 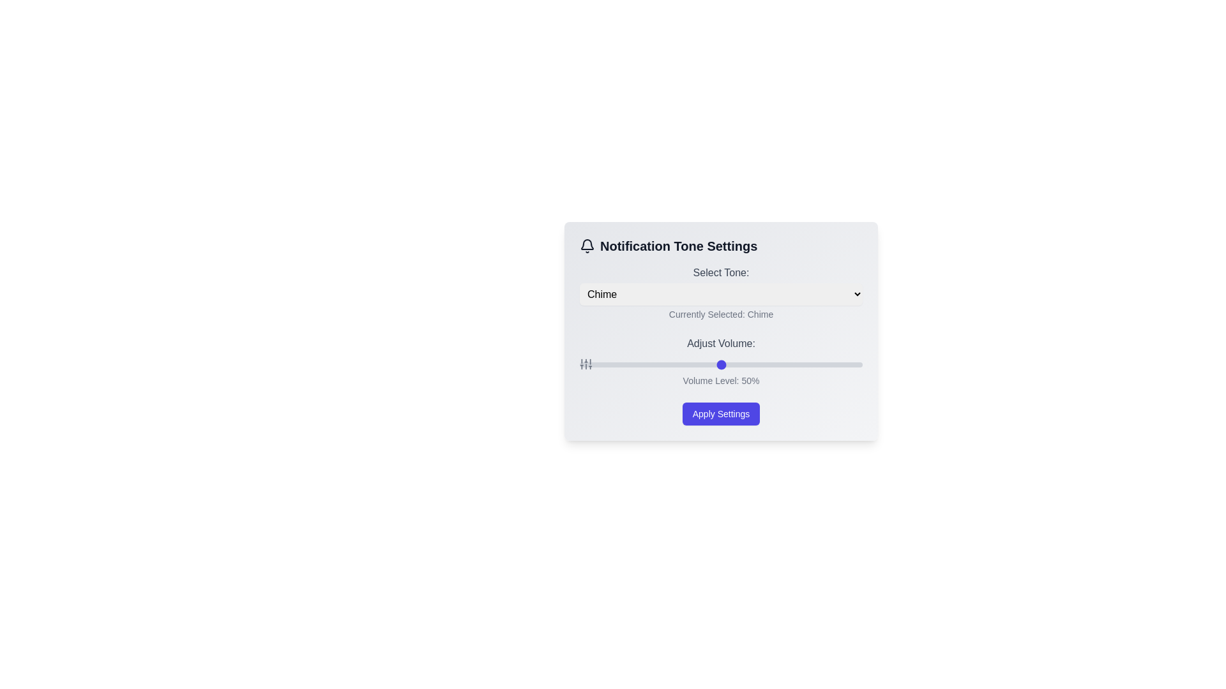 What do you see at coordinates (721, 413) in the screenshot?
I see `the confirmation button for applying the notification tone and volume settings` at bounding box center [721, 413].